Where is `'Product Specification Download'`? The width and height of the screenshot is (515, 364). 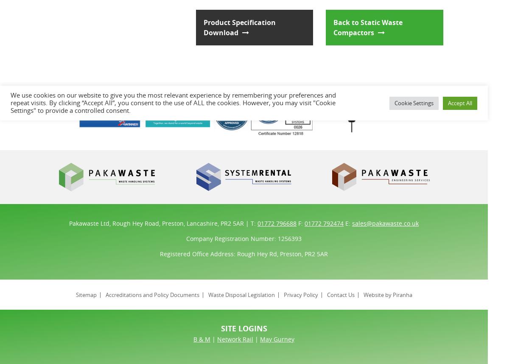
'Product Specification Download' is located at coordinates (239, 27).